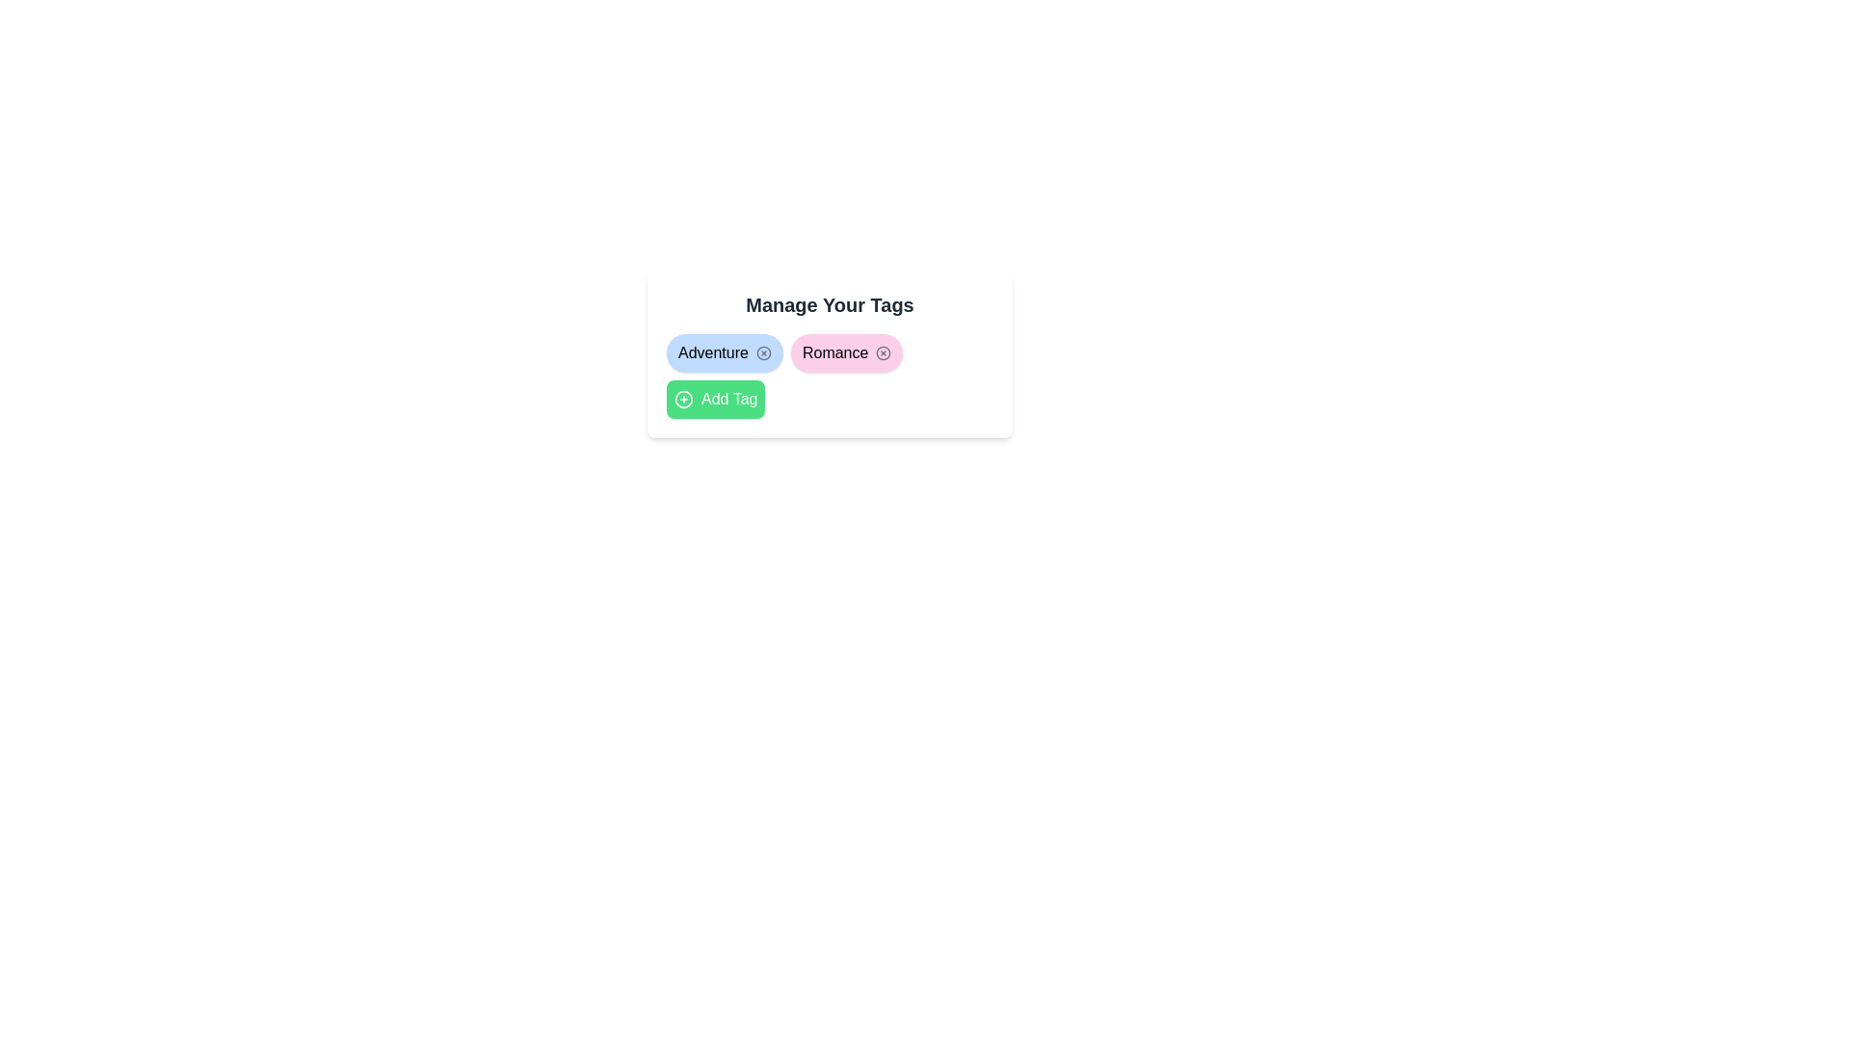 The height and width of the screenshot is (1040, 1850). Describe the element at coordinates (883, 352) in the screenshot. I see `'X' button of the tag labeled Romance to remove it` at that location.